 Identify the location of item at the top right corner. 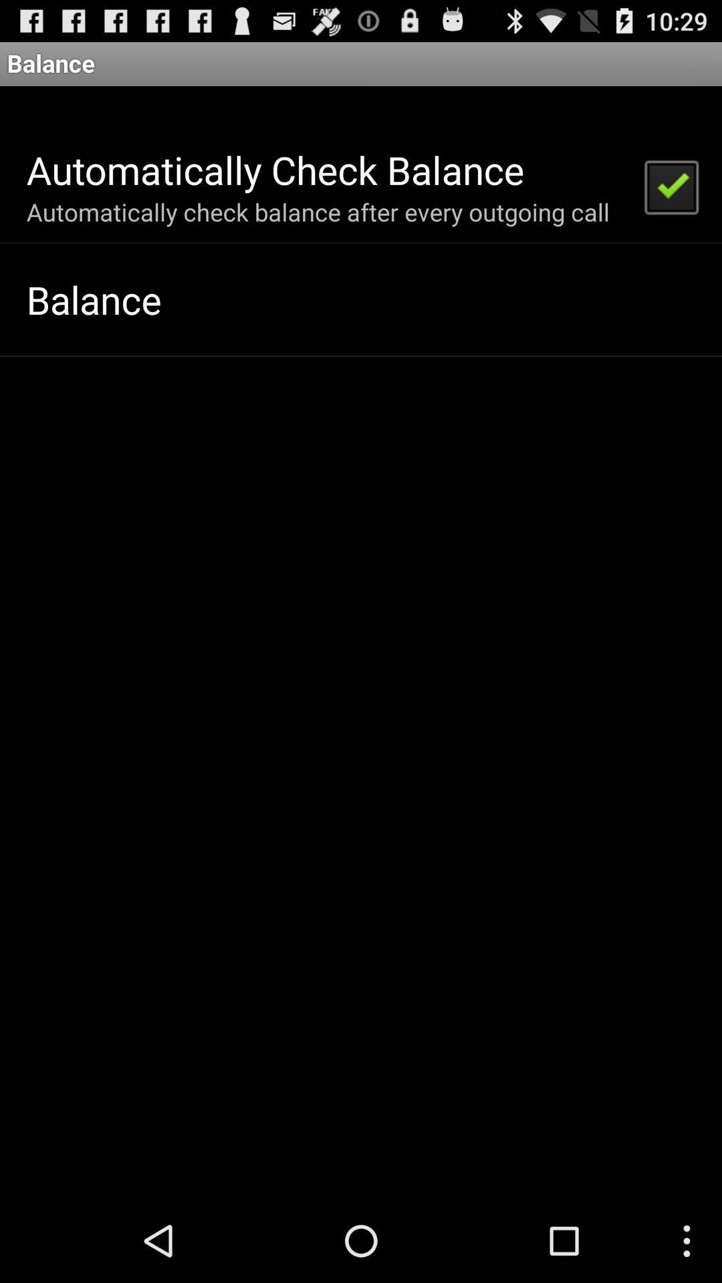
(671, 185).